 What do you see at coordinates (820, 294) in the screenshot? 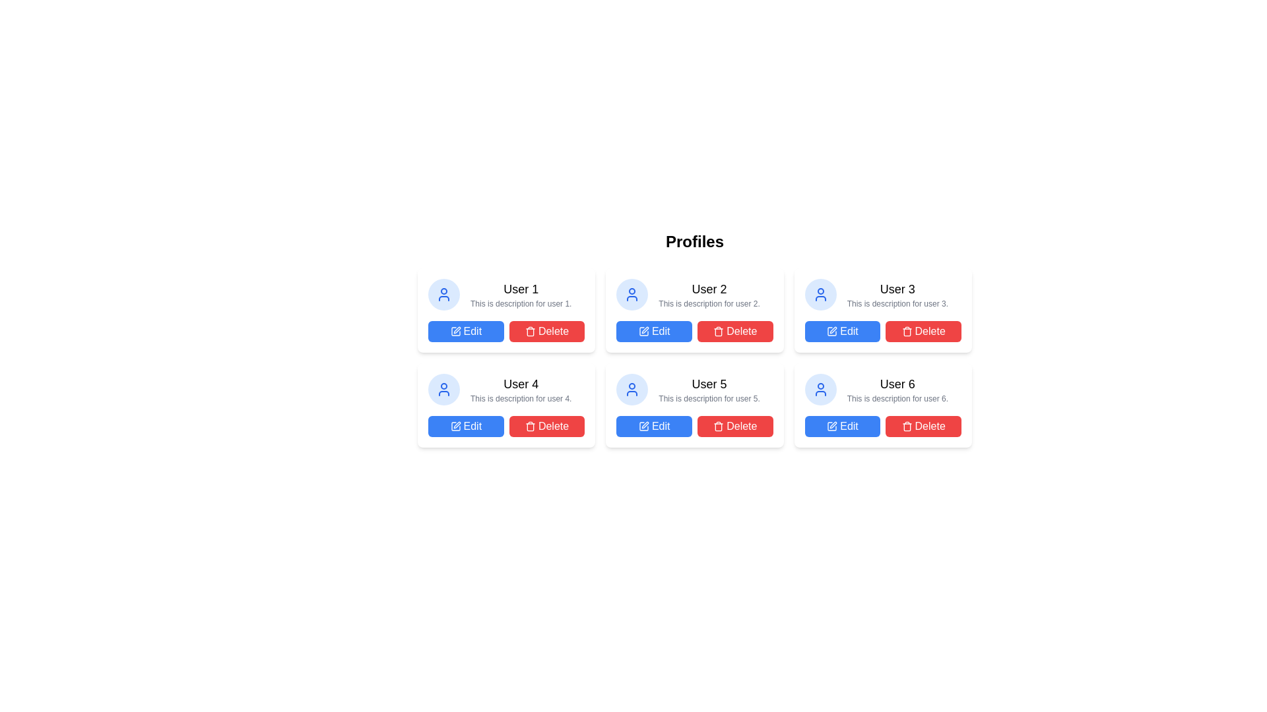
I see `the user icon, which is a circular blue outline representing a user, located within a blue-tinted background on the user profile card` at bounding box center [820, 294].